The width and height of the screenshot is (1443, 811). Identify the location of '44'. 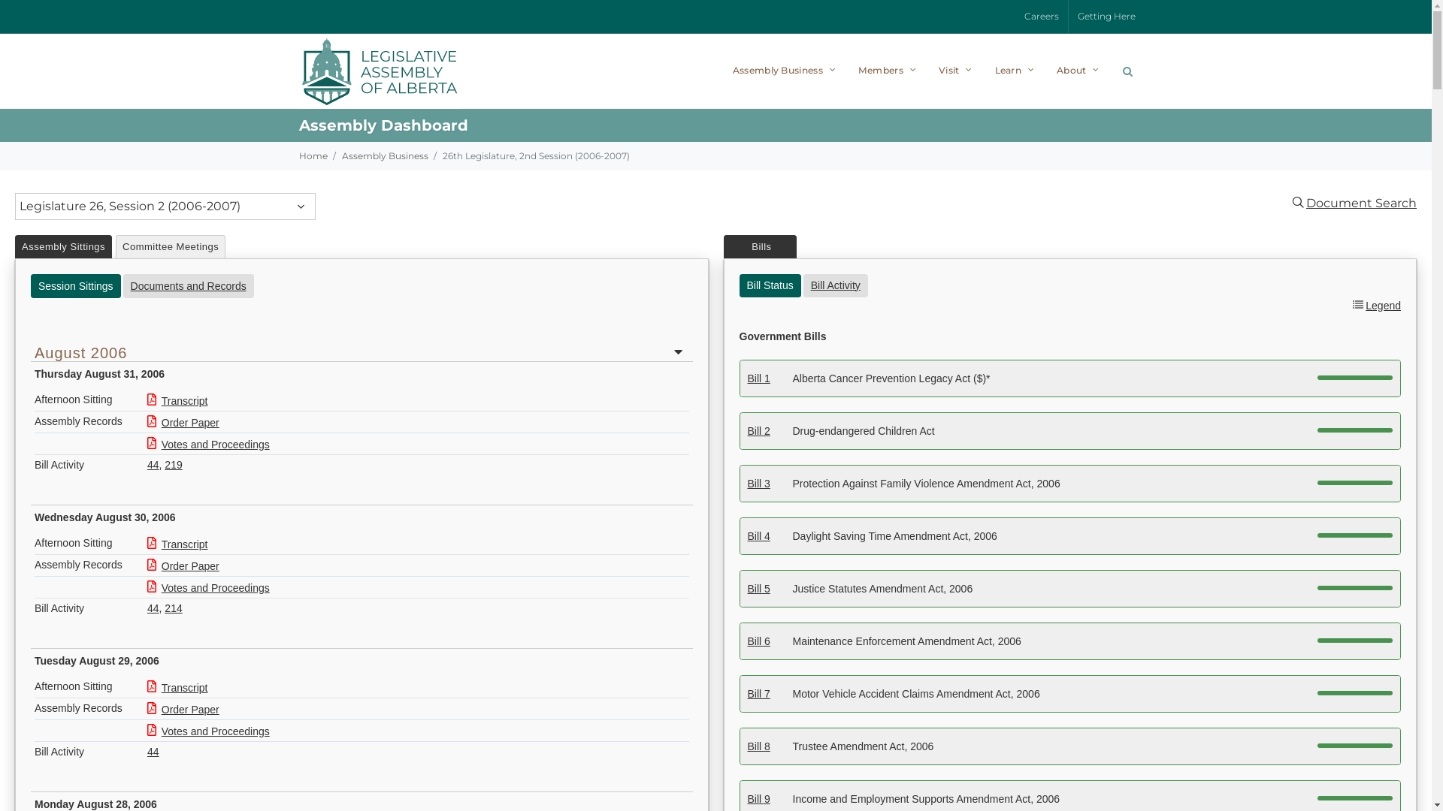
(147, 463).